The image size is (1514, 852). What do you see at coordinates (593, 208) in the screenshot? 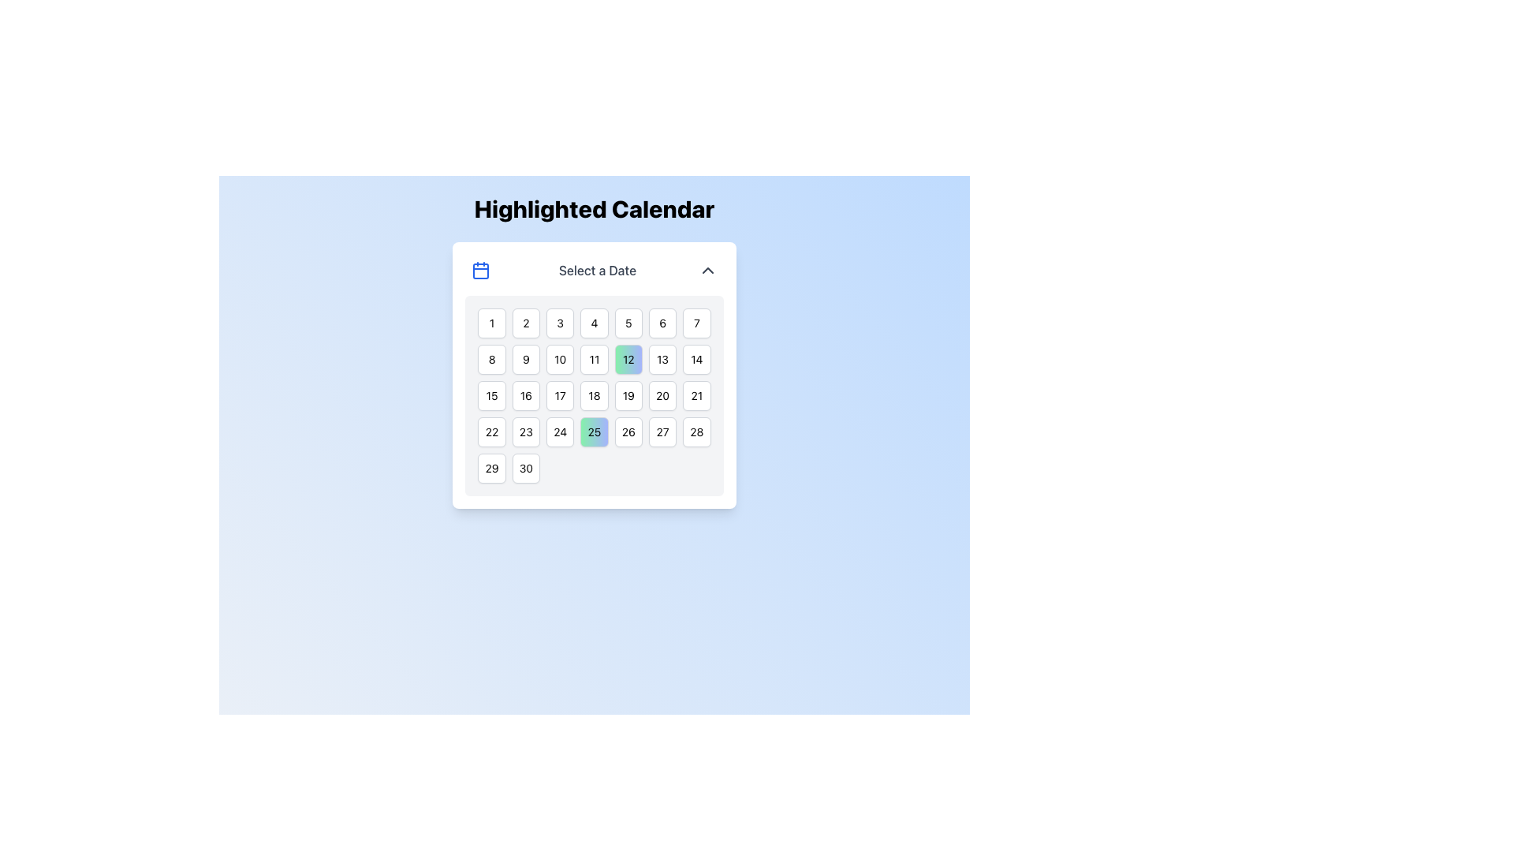
I see `the static text heading indicating the main function of the application, located centrally above the calendar selection widget` at bounding box center [593, 208].